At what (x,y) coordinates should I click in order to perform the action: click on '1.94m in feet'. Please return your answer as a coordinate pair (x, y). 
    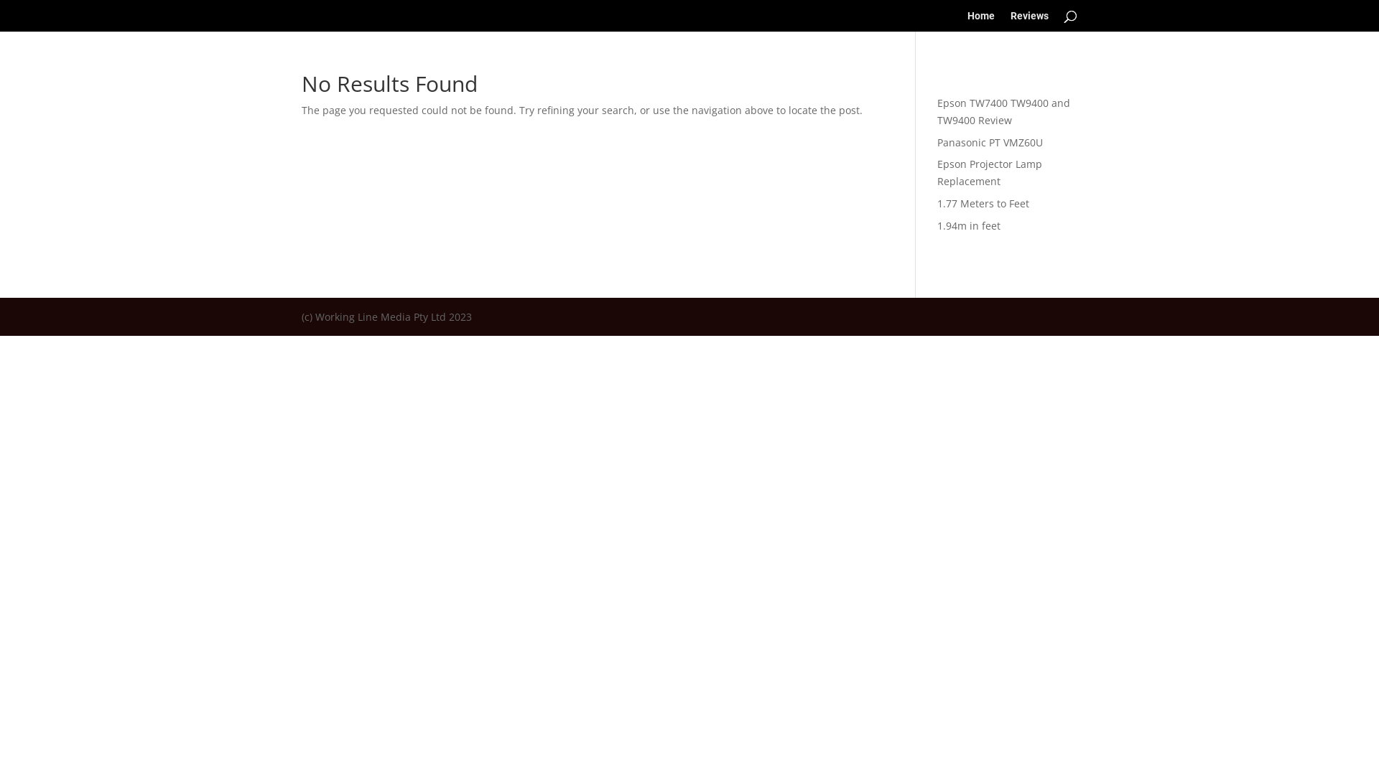
    Looking at the image, I should click on (968, 225).